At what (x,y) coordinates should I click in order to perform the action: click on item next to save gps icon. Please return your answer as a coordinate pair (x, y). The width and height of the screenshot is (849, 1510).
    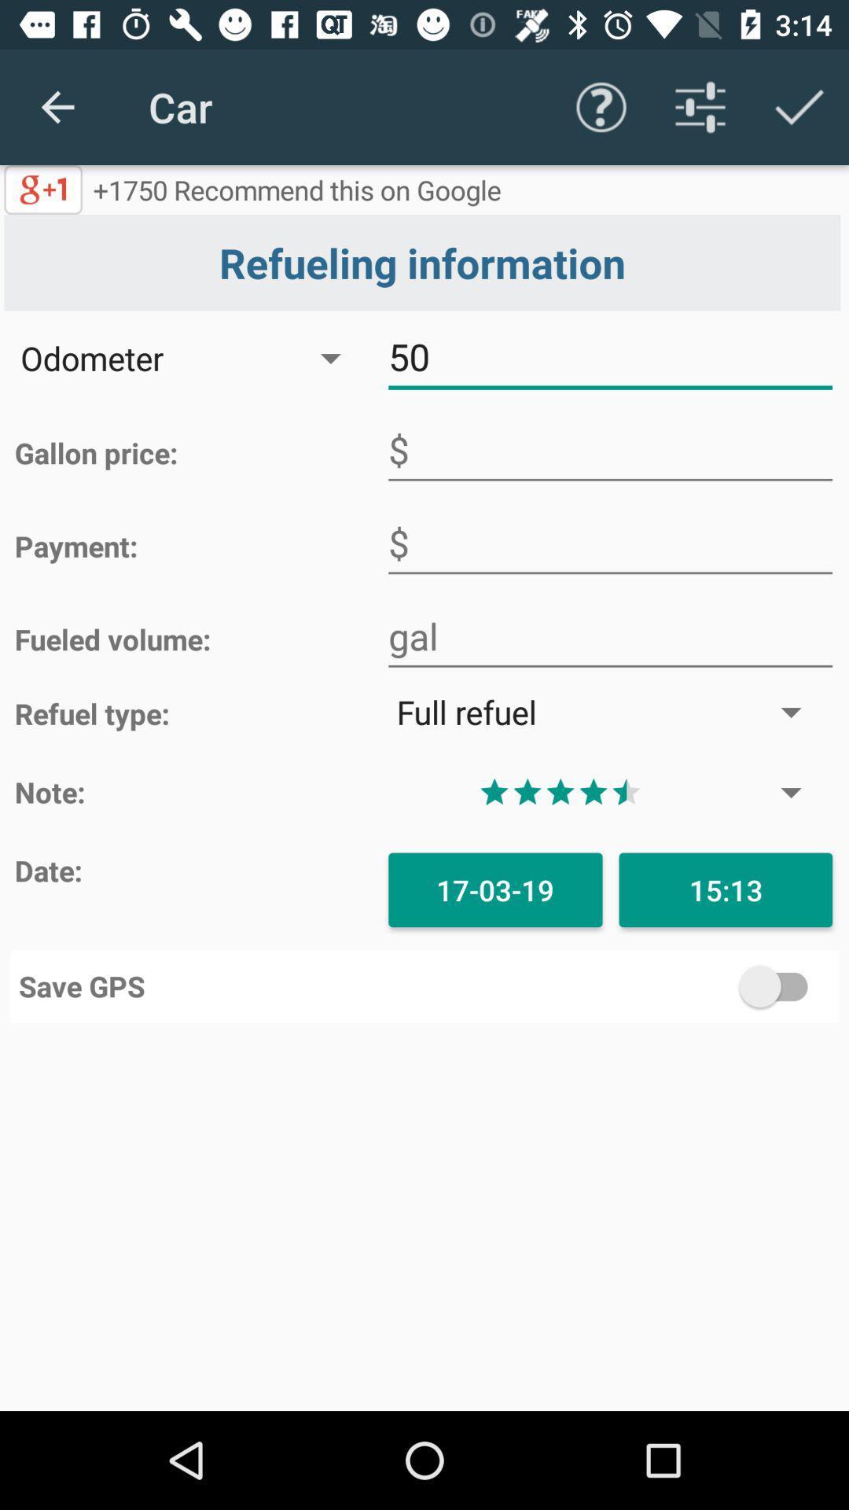
    Looking at the image, I should click on (627, 985).